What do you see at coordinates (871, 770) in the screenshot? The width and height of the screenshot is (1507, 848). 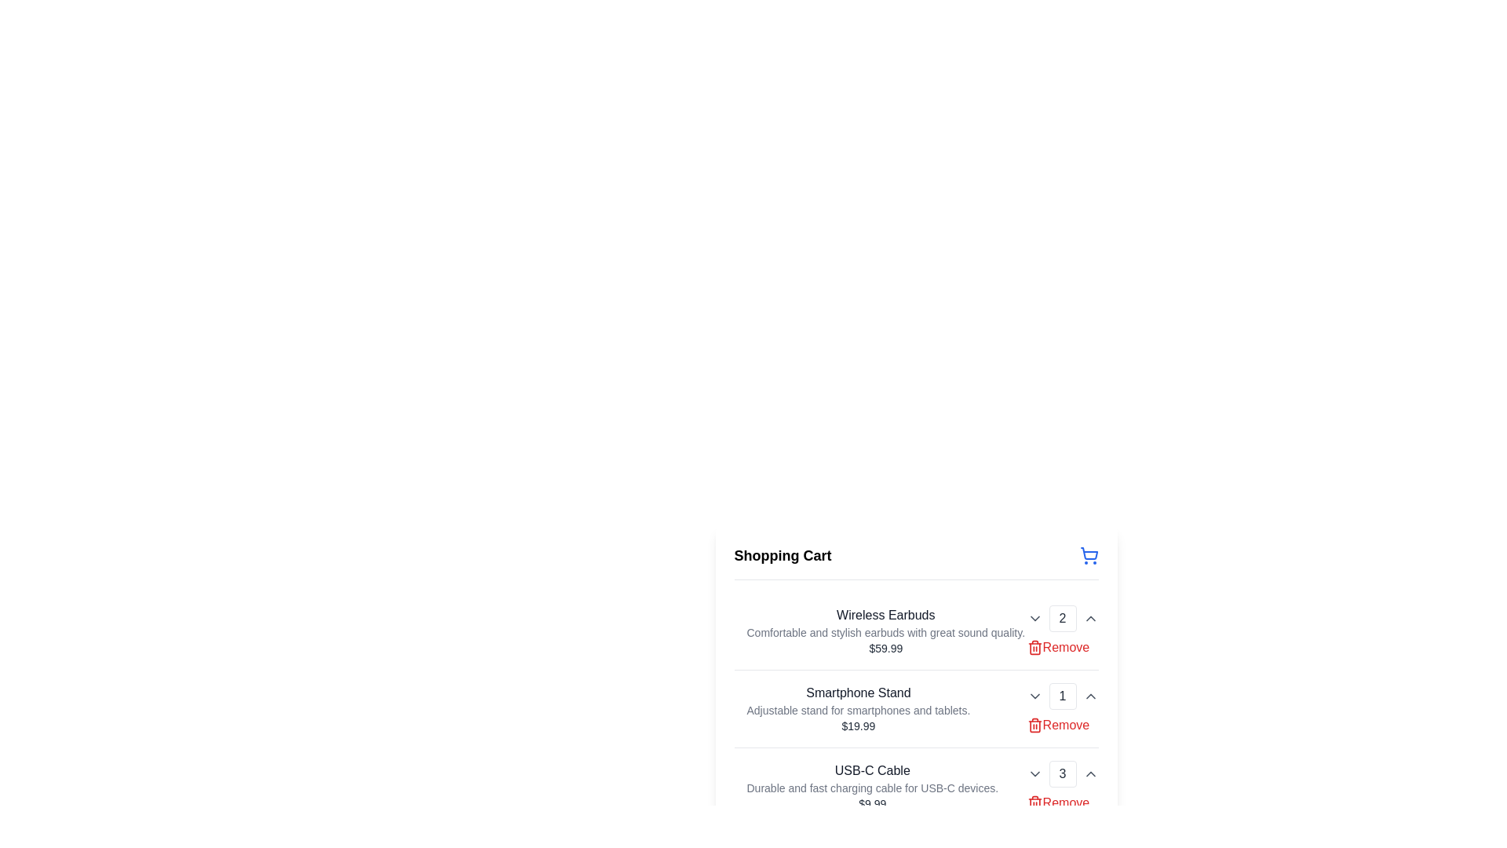 I see `the text label that serves as the title for the product entry, which identifies the item as 'USB-C Cable'` at bounding box center [871, 770].